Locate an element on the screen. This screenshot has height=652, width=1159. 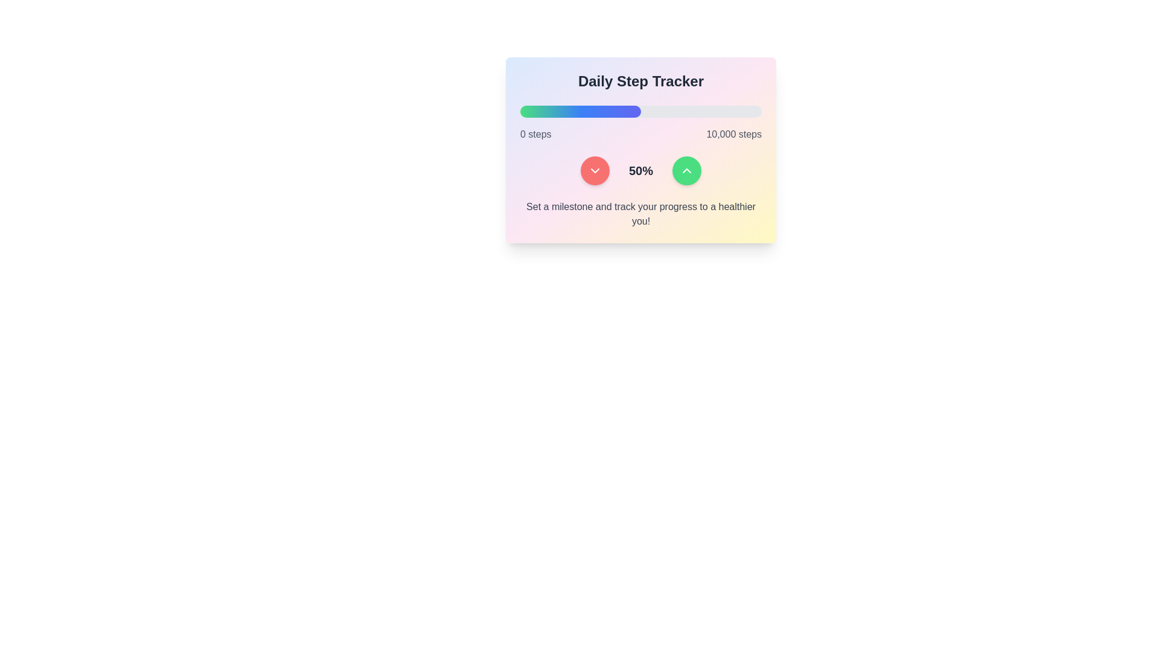
the horizontal progress bar located below the 'Daily Step Tracker' title, which has a gradient style transitioning from green to blue to indigo and is rounded in appearance is located at coordinates (640, 112).